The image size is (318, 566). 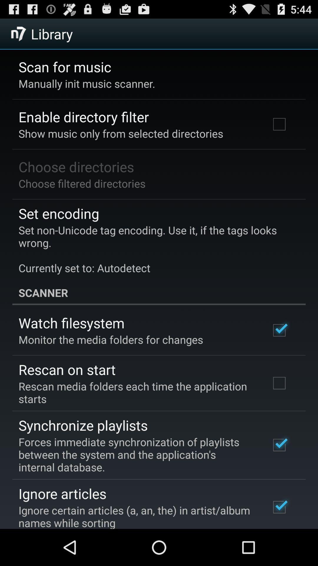 What do you see at coordinates (155, 249) in the screenshot?
I see `set non unicode` at bounding box center [155, 249].